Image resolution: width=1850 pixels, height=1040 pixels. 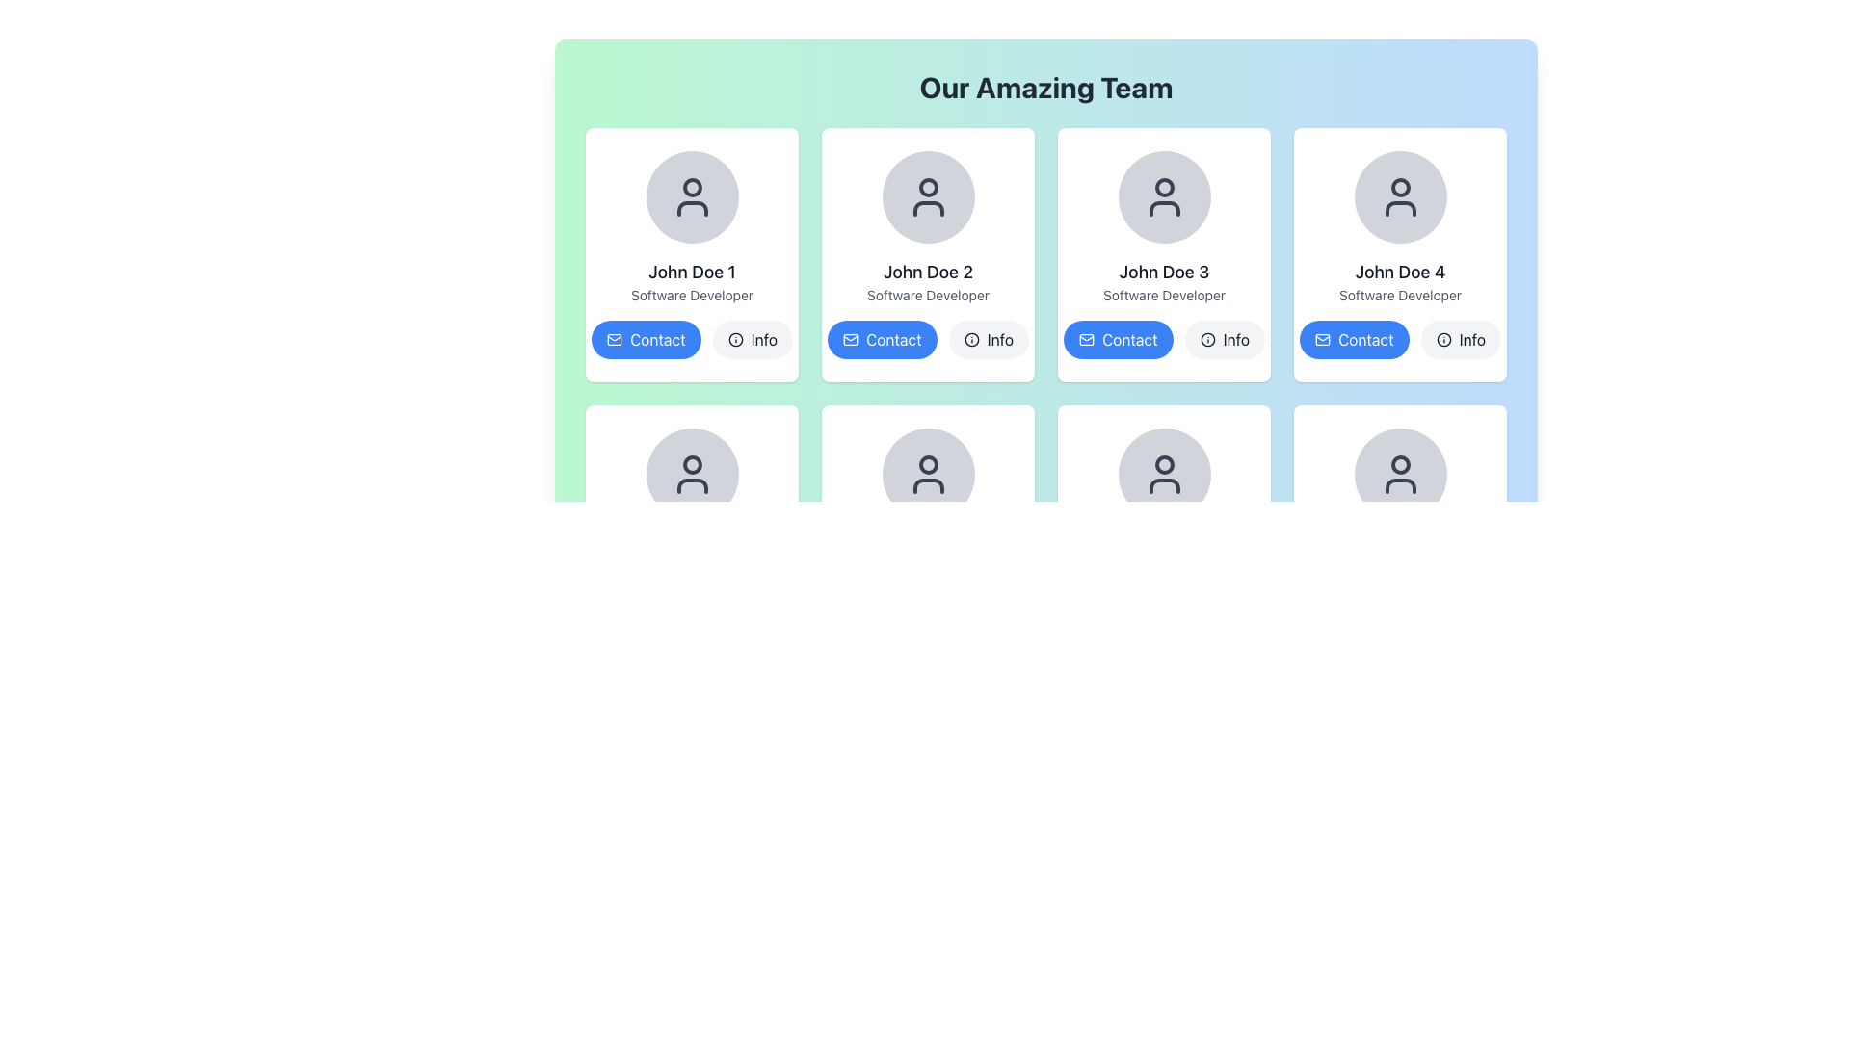 I want to click on the text element displaying 'Software Developer', which is located beneath the name 'John Doe 1' and above the buttons labeled 'Contact' and 'Info', so click(x=692, y=296).